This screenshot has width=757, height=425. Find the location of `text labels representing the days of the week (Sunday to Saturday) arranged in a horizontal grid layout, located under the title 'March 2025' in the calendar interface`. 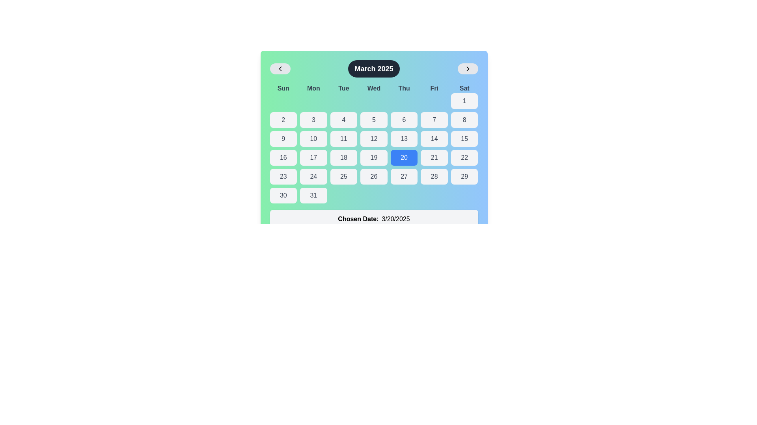

text labels representing the days of the week (Sunday to Saturday) arranged in a horizontal grid layout, located under the title 'March 2025' in the calendar interface is located at coordinates (373, 88).